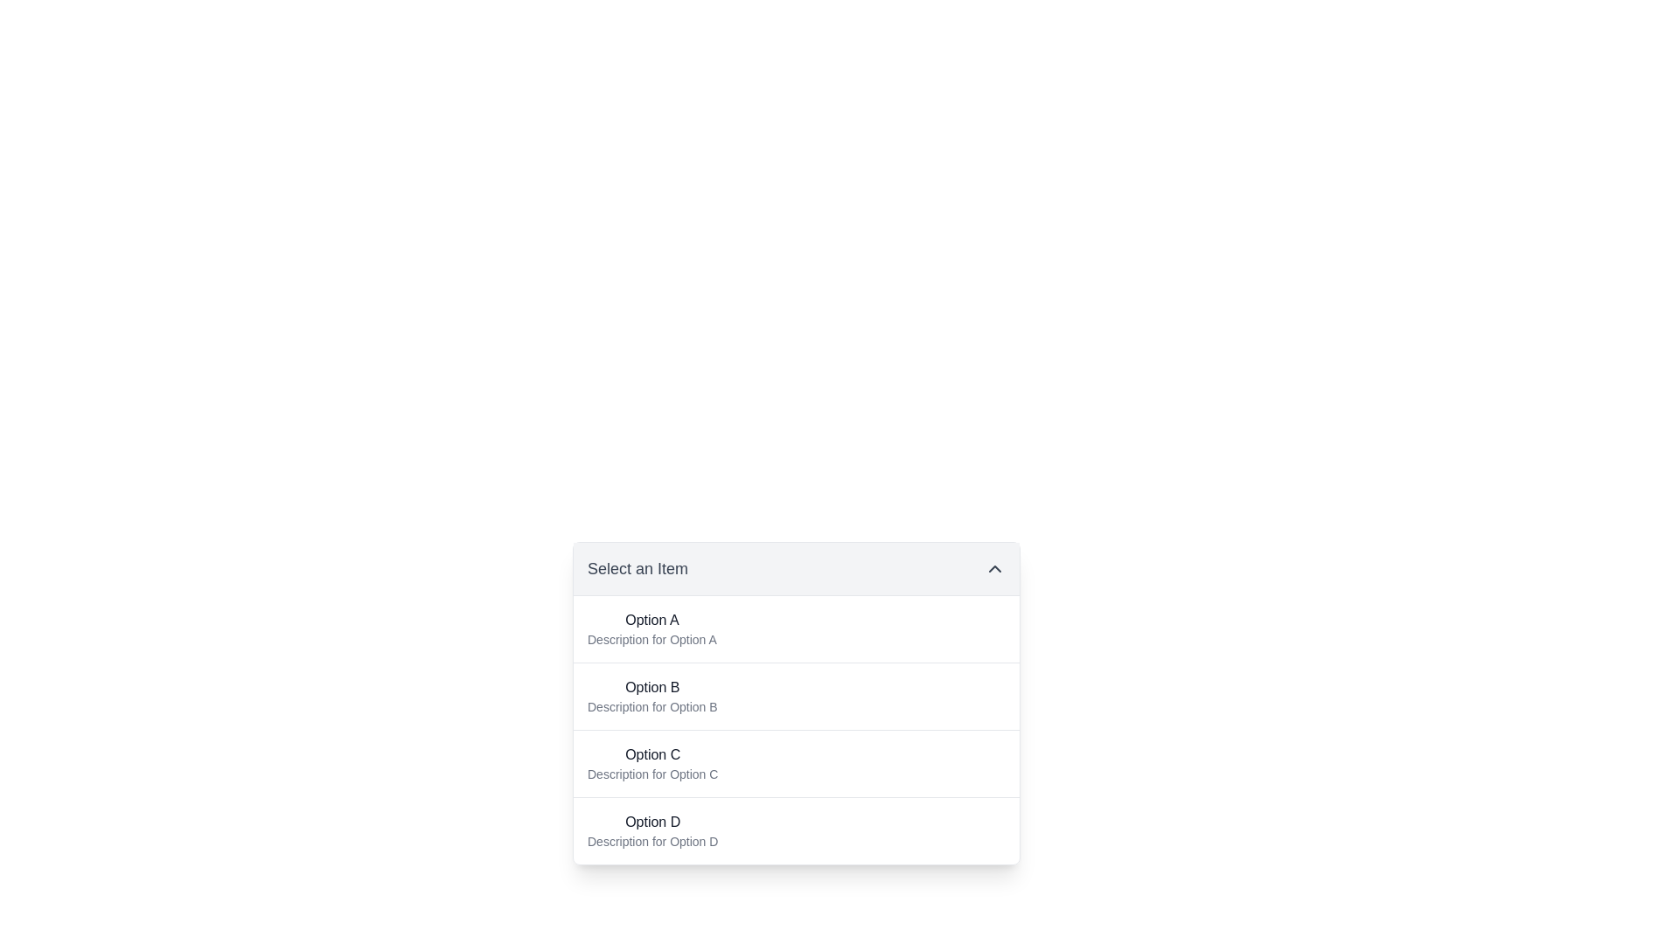 Image resolution: width=1679 pixels, height=944 pixels. What do you see at coordinates (796, 629) in the screenshot?
I see `on the first option 'Option A' in the dropdown menu` at bounding box center [796, 629].